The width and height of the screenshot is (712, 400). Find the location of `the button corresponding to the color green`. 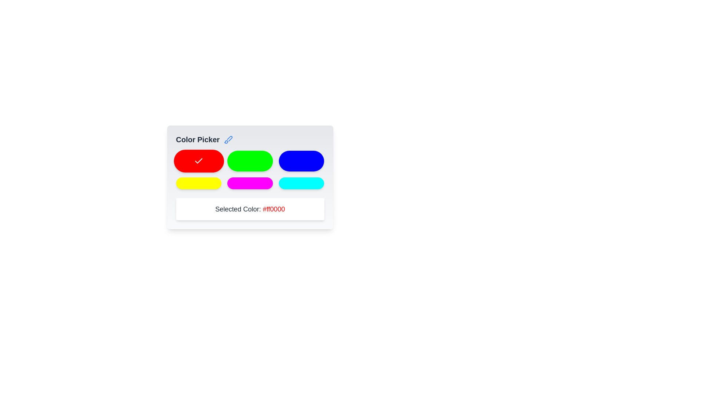

the button corresponding to the color green is located at coordinates (250, 161).